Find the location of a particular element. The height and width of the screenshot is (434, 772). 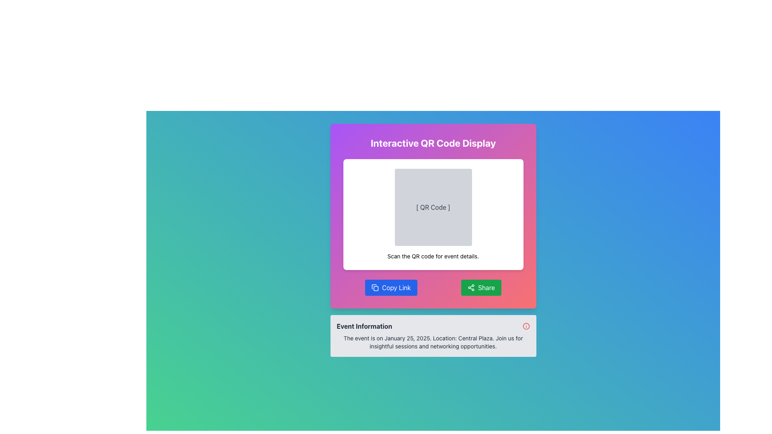

the small circular red button with an 'i' symbol located at the far right side of the 'Event Information' box is located at coordinates (526, 326).